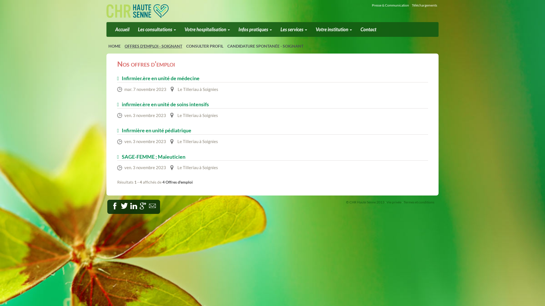 Image resolution: width=545 pixels, height=306 pixels. Describe the element at coordinates (419, 202) in the screenshot. I see `'Termes et conditions'` at that location.